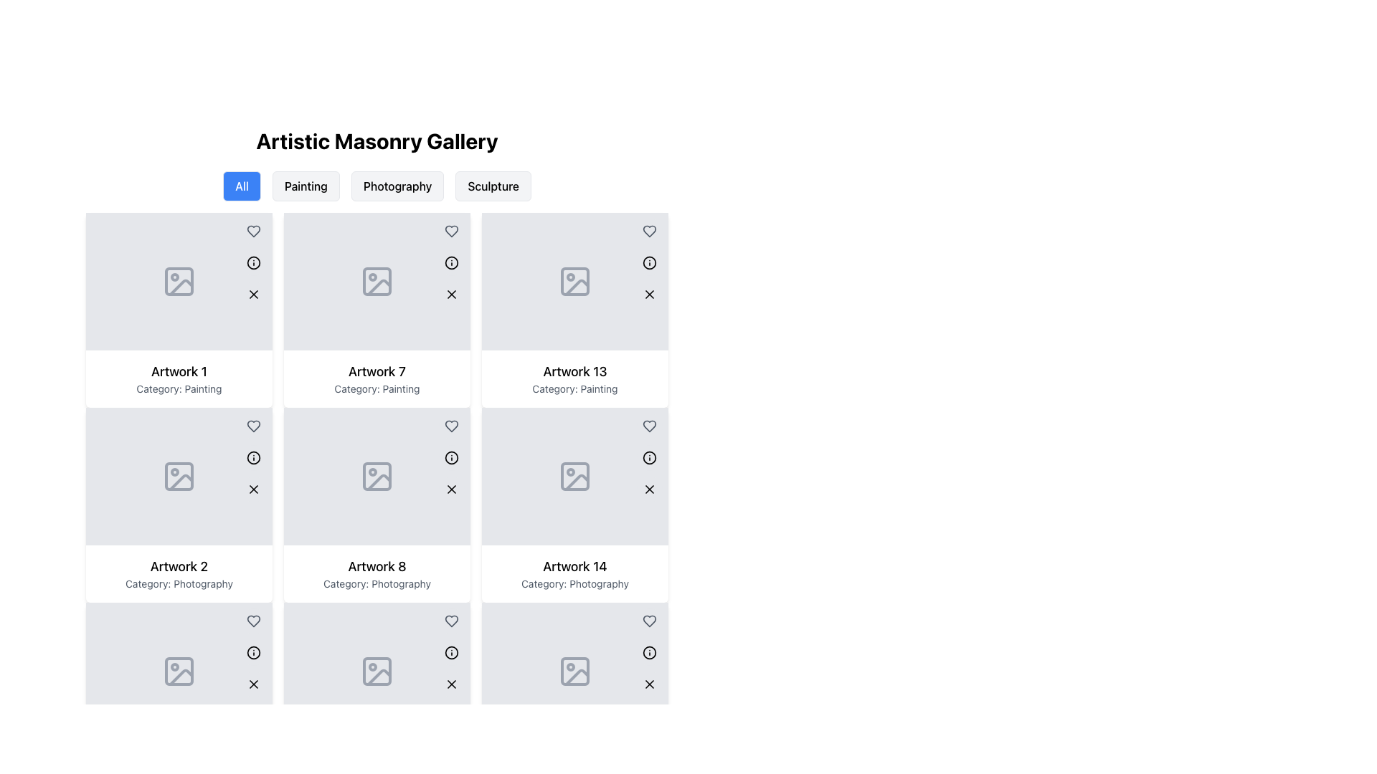 The height and width of the screenshot is (774, 1377). Describe the element at coordinates (254, 425) in the screenshot. I see `the heart-shaped indicator icon in the top-right corner of the 'Artwork 1, Category: Painting' card` at that location.